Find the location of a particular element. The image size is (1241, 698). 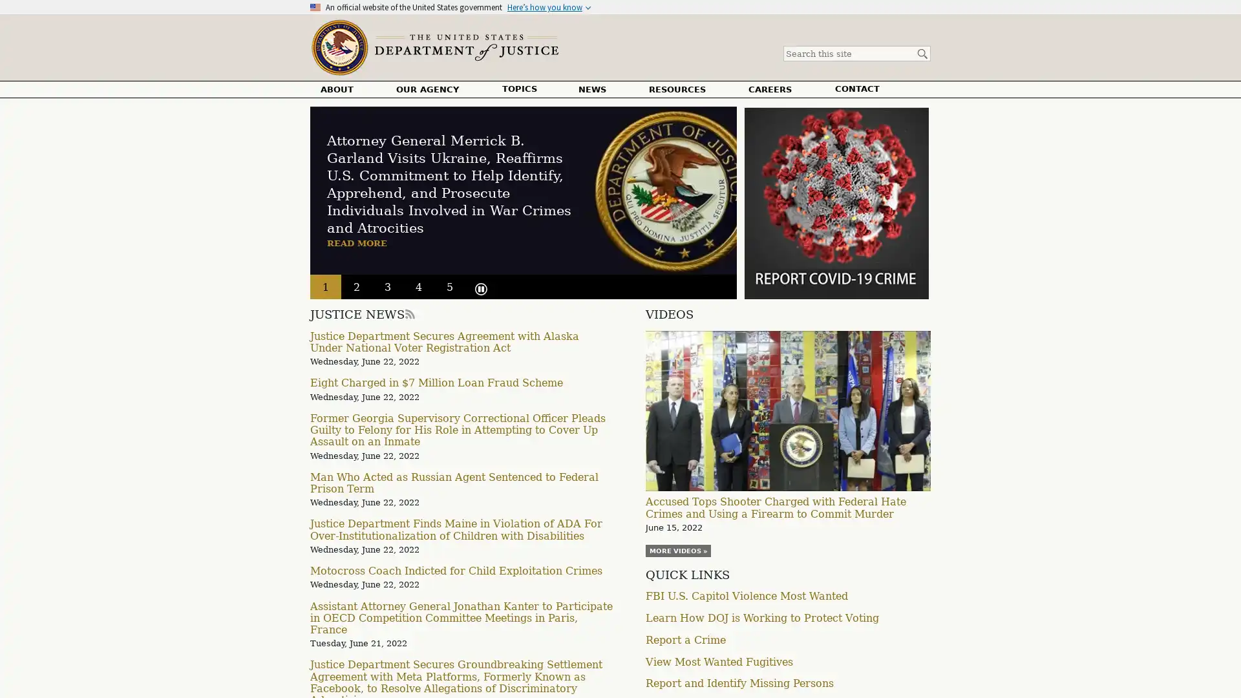

Search is located at coordinates (921, 54).